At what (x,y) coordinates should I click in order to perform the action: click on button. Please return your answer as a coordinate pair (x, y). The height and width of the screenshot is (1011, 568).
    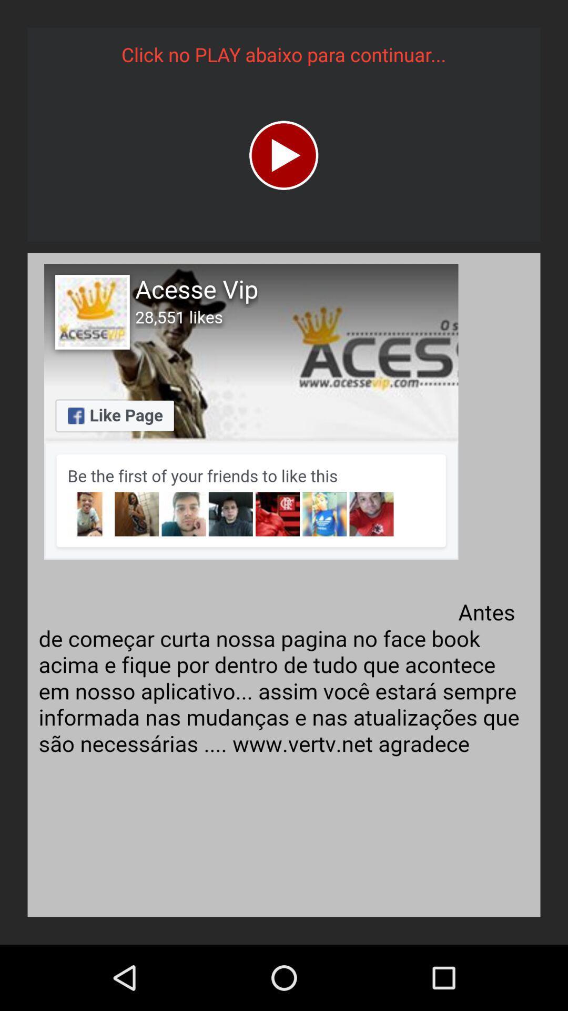
    Looking at the image, I should click on (283, 155).